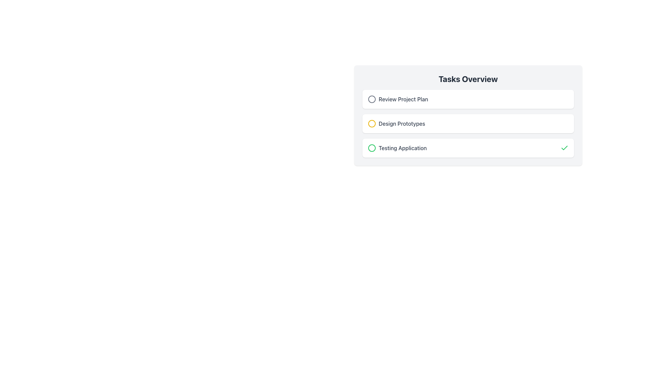  Describe the element at coordinates (396, 124) in the screenshot. I see `the selectable task item labeled 'Design Prototypes' in the 'Tasks Overview' list` at that location.